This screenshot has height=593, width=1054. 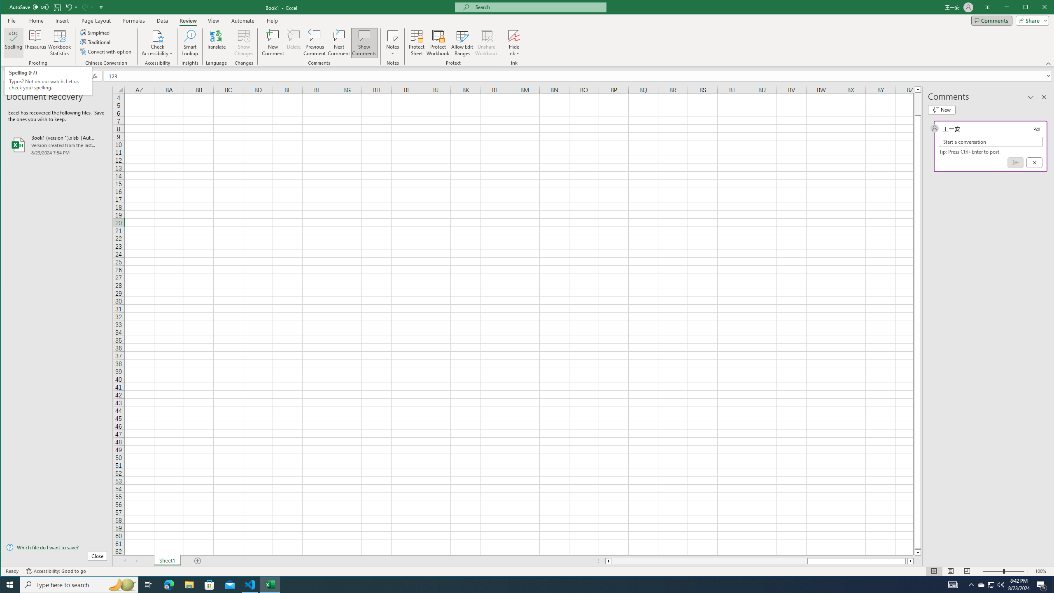 What do you see at coordinates (168, 584) in the screenshot?
I see `'Microsoft Edge'` at bounding box center [168, 584].